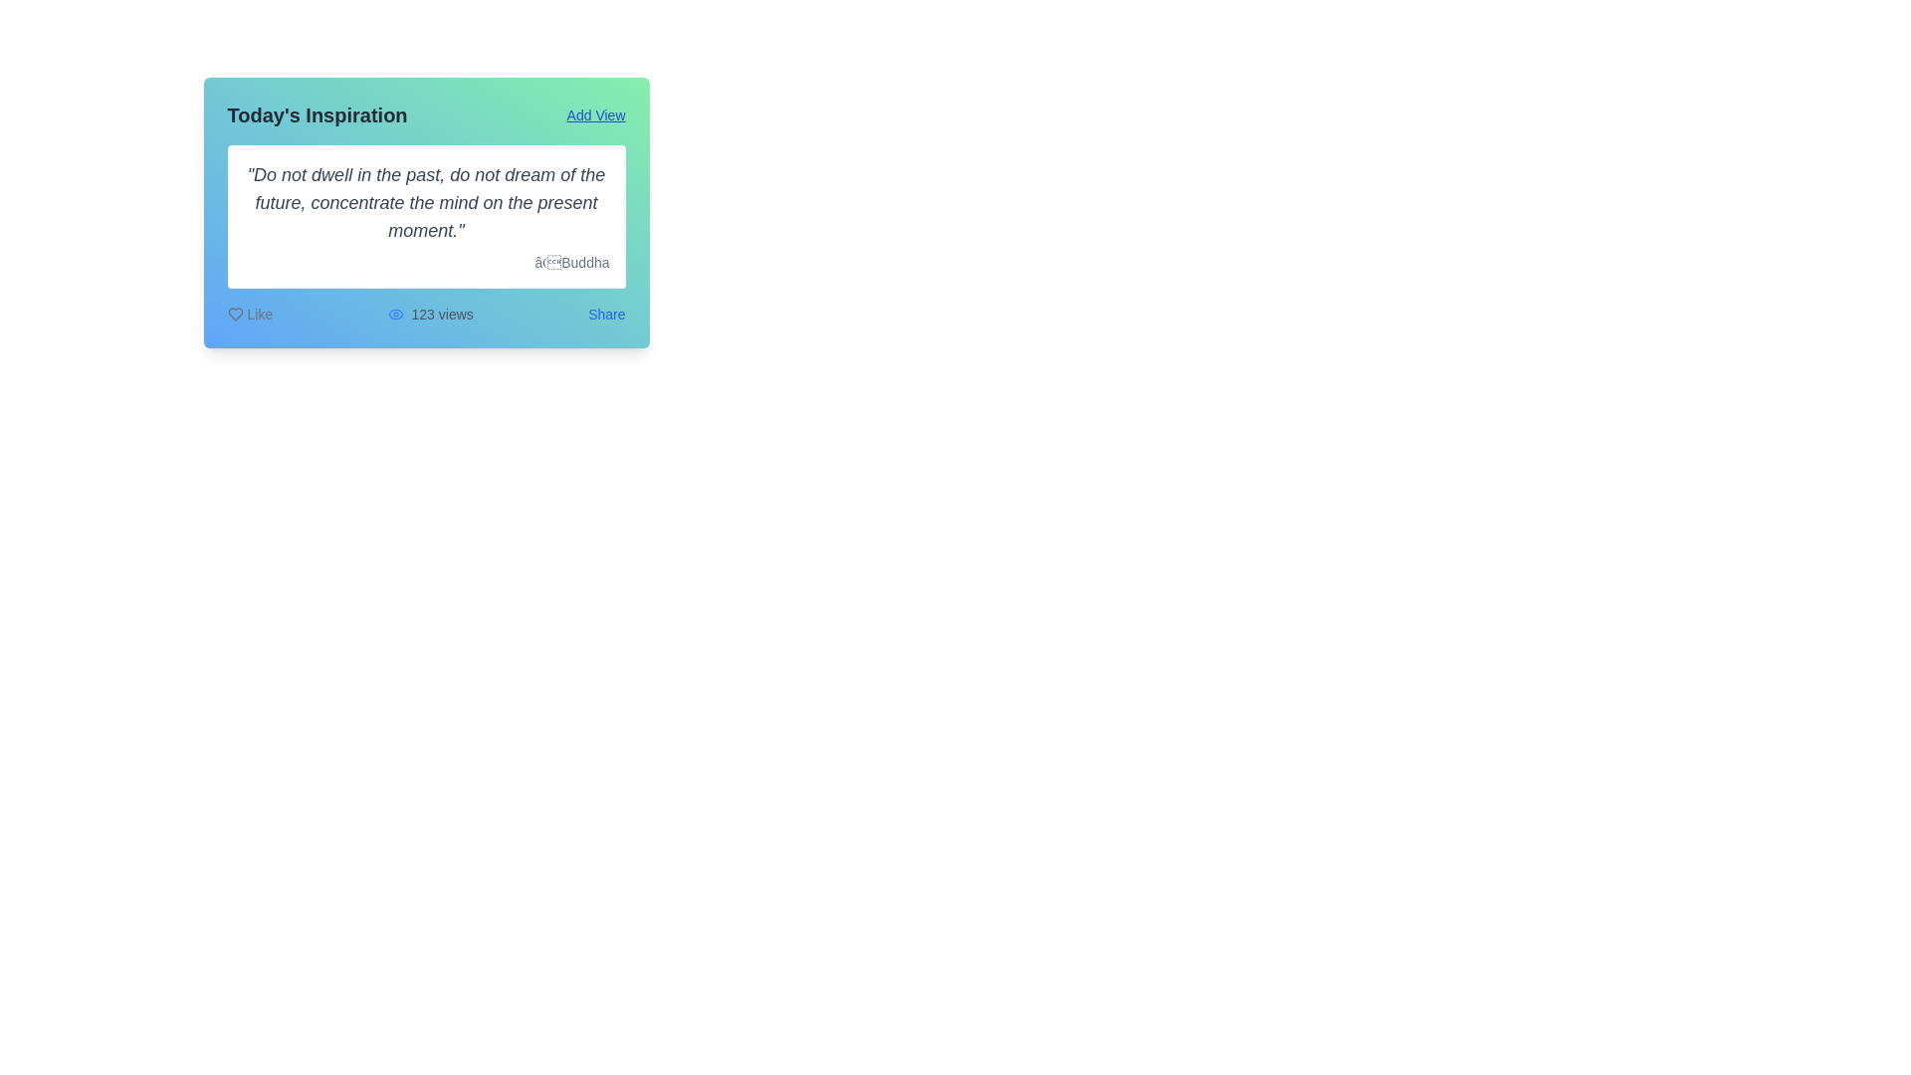 This screenshot has height=1075, width=1911. What do you see at coordinates (595, 114) in the screenshot?
I see `the 'Add View' link located in the header bar, which is positioned on the right side of 'Today's Inspiration'` at bounding box center [595, 114].